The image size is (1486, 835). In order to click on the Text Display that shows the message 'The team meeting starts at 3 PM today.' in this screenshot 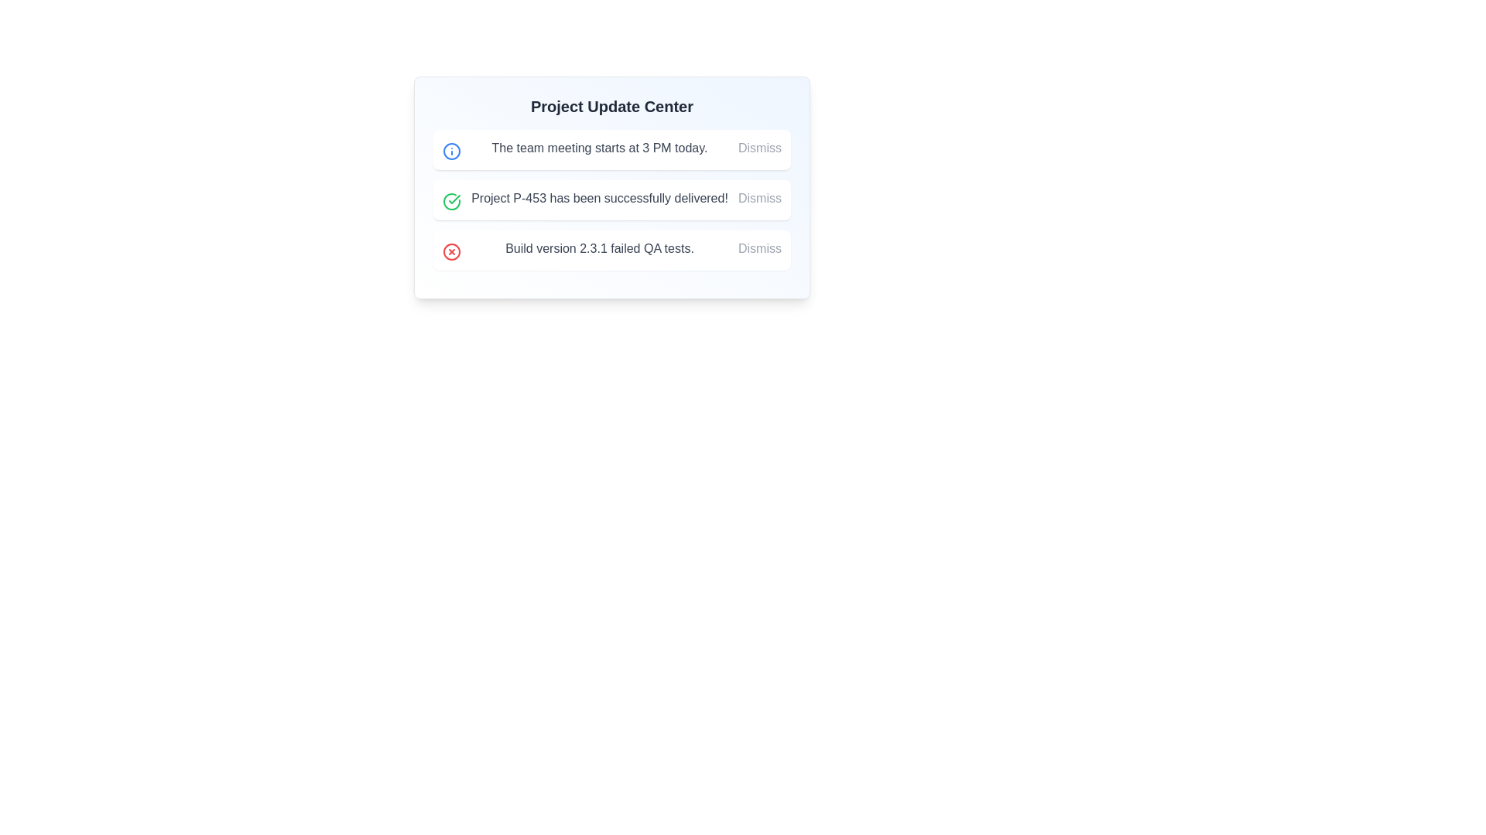, I will do `click(598, 148)`.